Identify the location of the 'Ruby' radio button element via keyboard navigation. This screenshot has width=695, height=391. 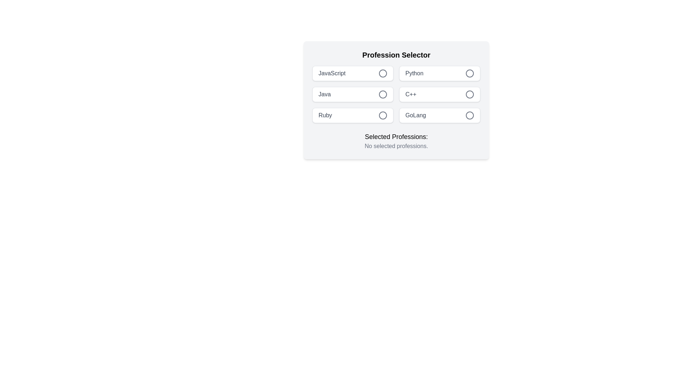
(382, 115).